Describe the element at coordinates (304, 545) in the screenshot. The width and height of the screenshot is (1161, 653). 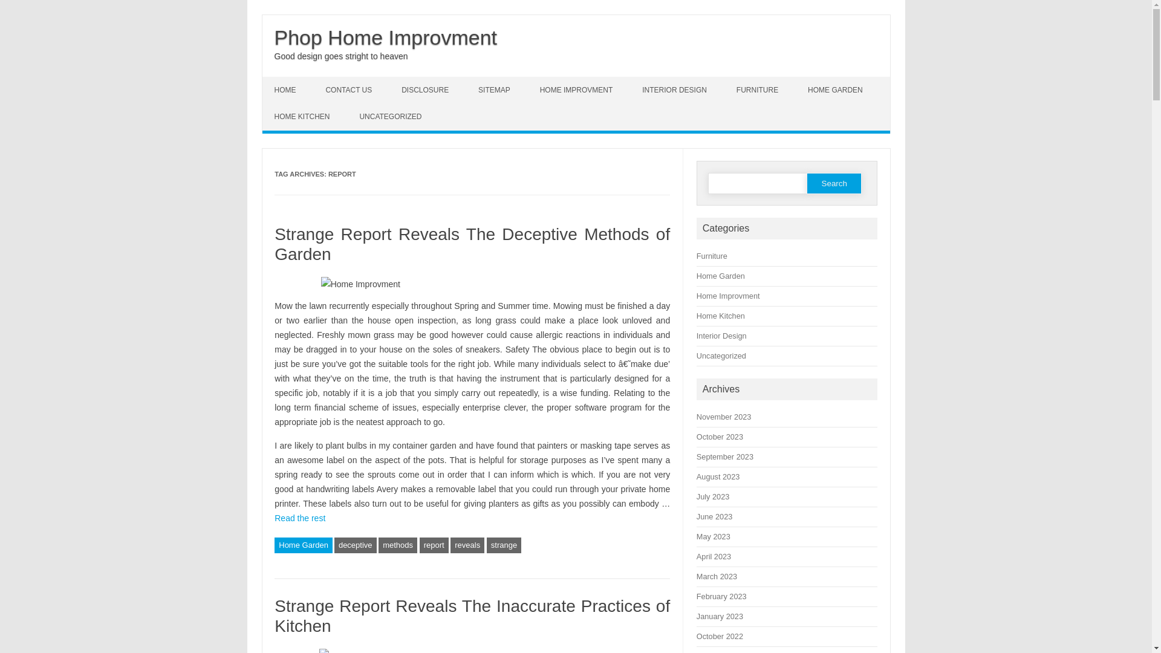
I see `'Home Garden'` at that location.